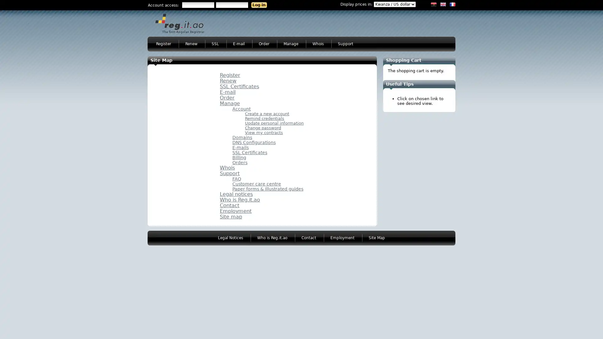 Image resolution: width=603 pixels, height=339 pixels. Describe the element at coordinates (259, 5) in the screenshot. I see `Log in` at that location.